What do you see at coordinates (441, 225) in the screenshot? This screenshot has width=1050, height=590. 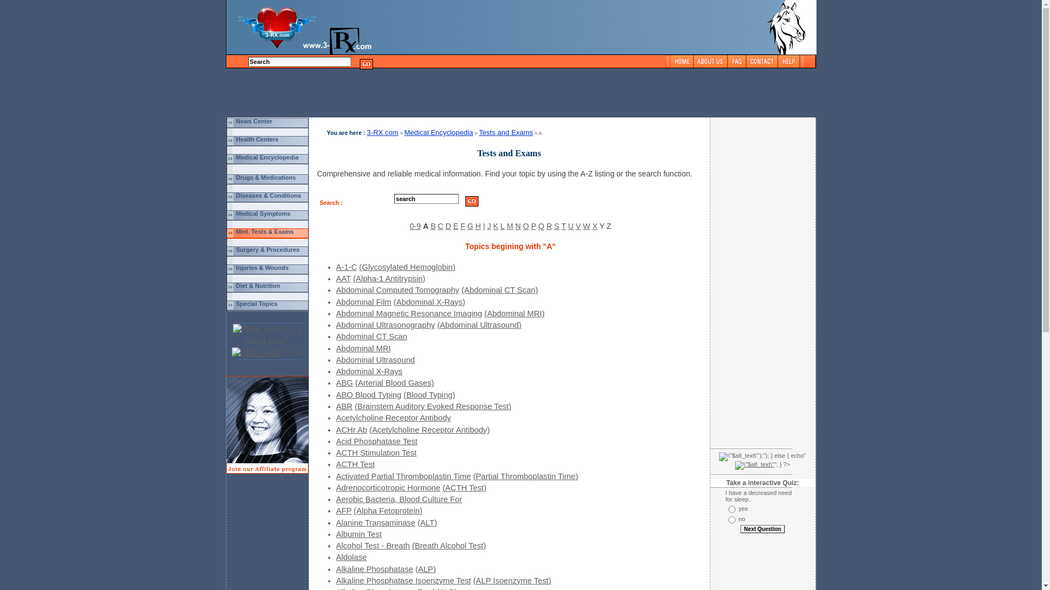 I see `'C'` at bounding box center [441, 225].